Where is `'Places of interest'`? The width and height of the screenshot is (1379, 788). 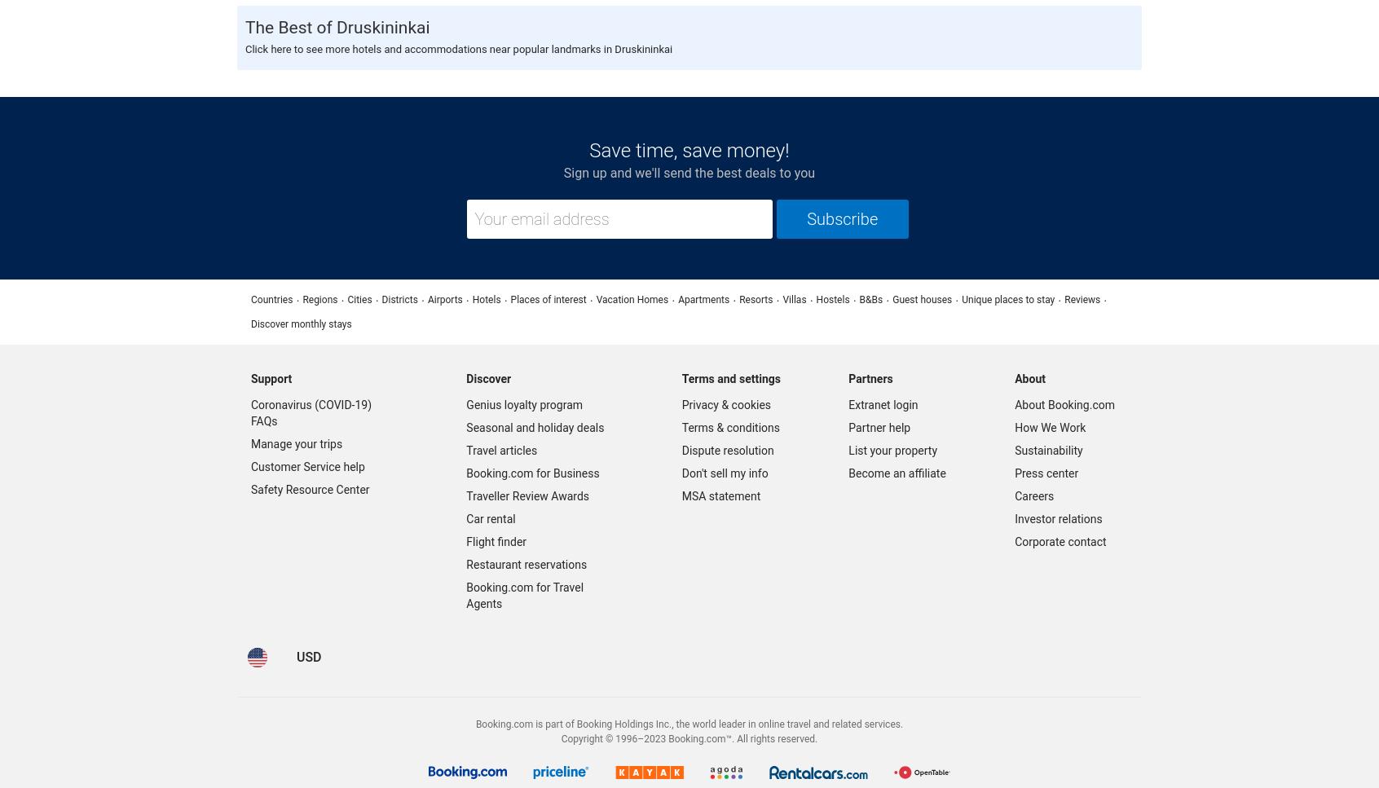 'Places of interest' is located at coordinates (548, 297).